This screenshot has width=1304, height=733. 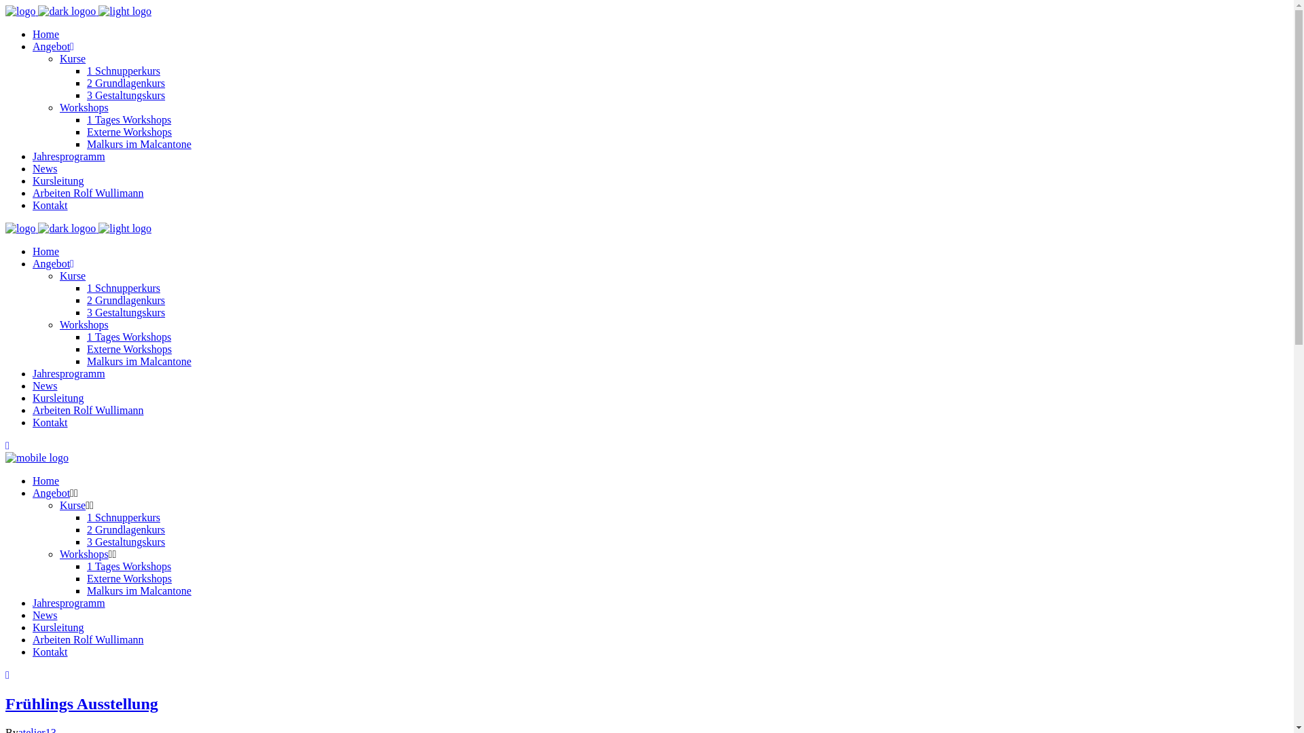 I want to click on 'Kontakt', so click(x=33, y=421).